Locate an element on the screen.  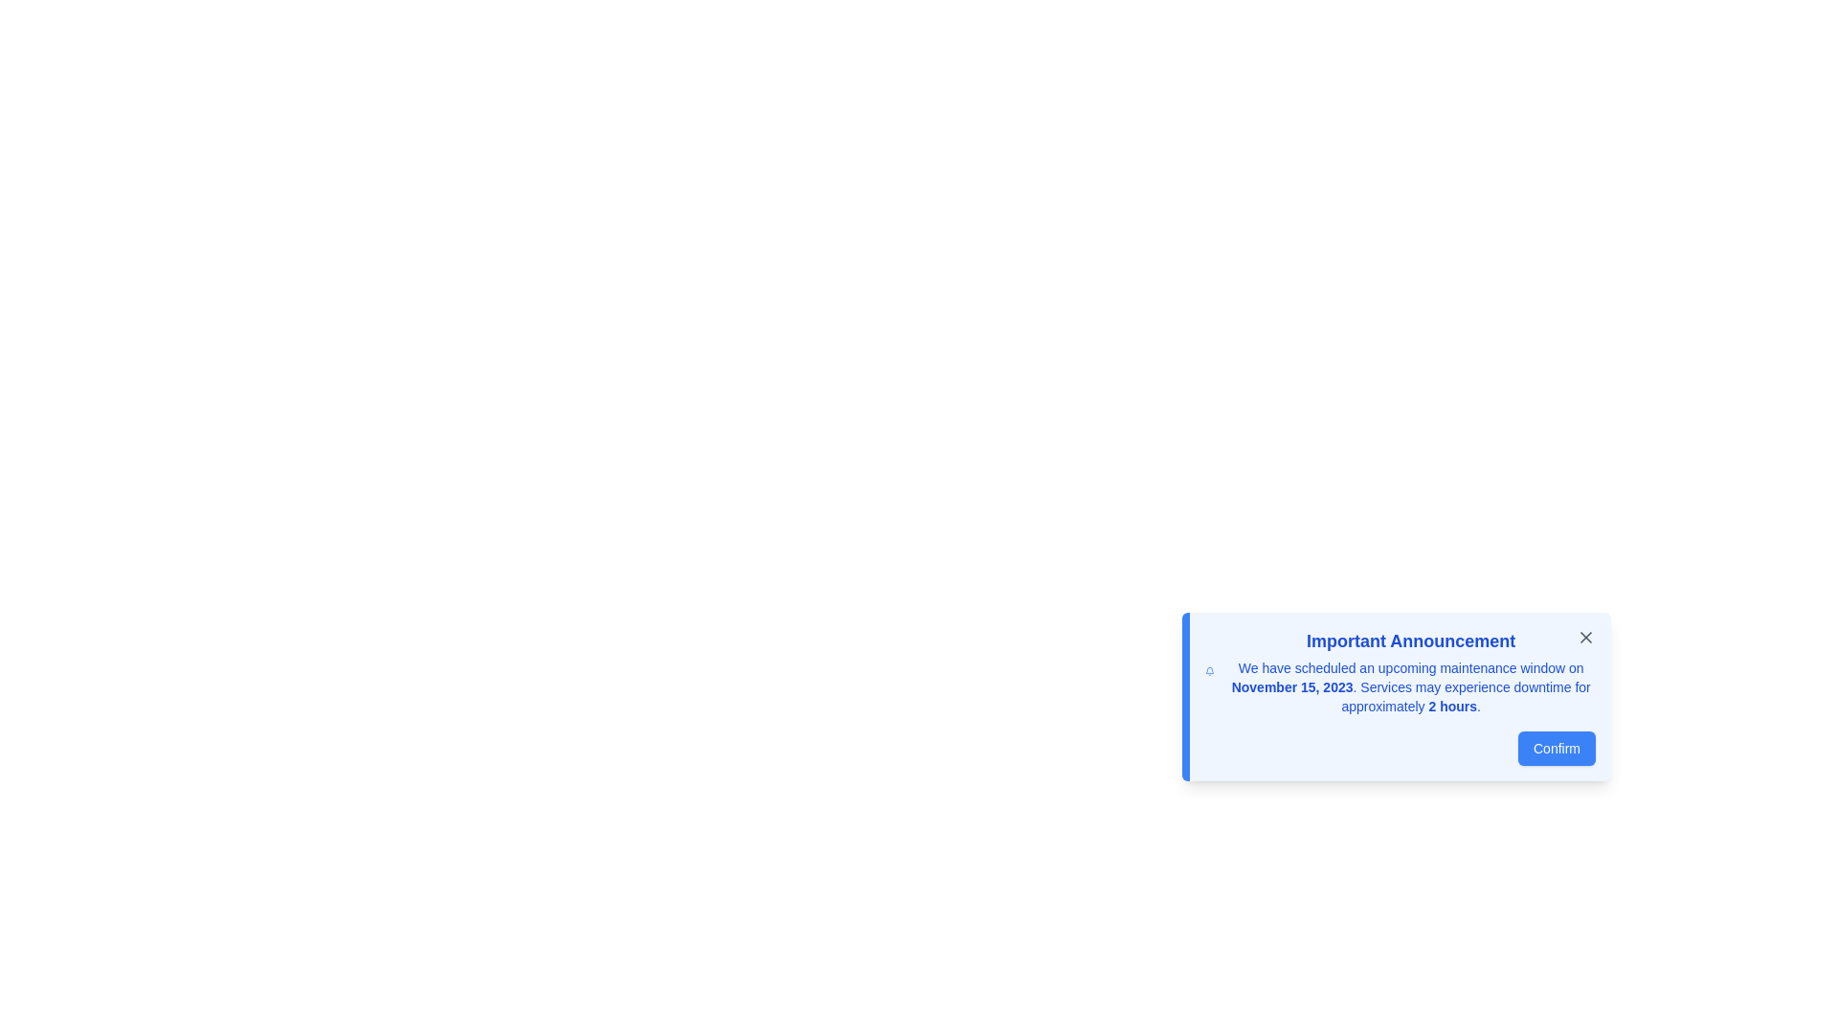
the small 'X' icon button located in the top-right corner of the rectangular modal dialog box is located at coordinates (1585, 638).